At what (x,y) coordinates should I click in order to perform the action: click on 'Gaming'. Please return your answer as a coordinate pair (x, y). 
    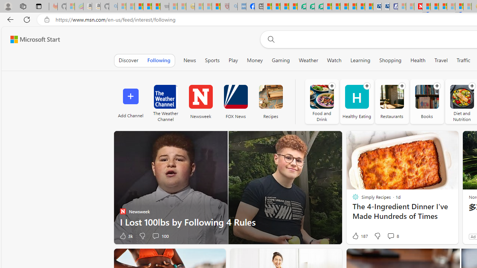
    Looking at the image, I should click on (280, 60).